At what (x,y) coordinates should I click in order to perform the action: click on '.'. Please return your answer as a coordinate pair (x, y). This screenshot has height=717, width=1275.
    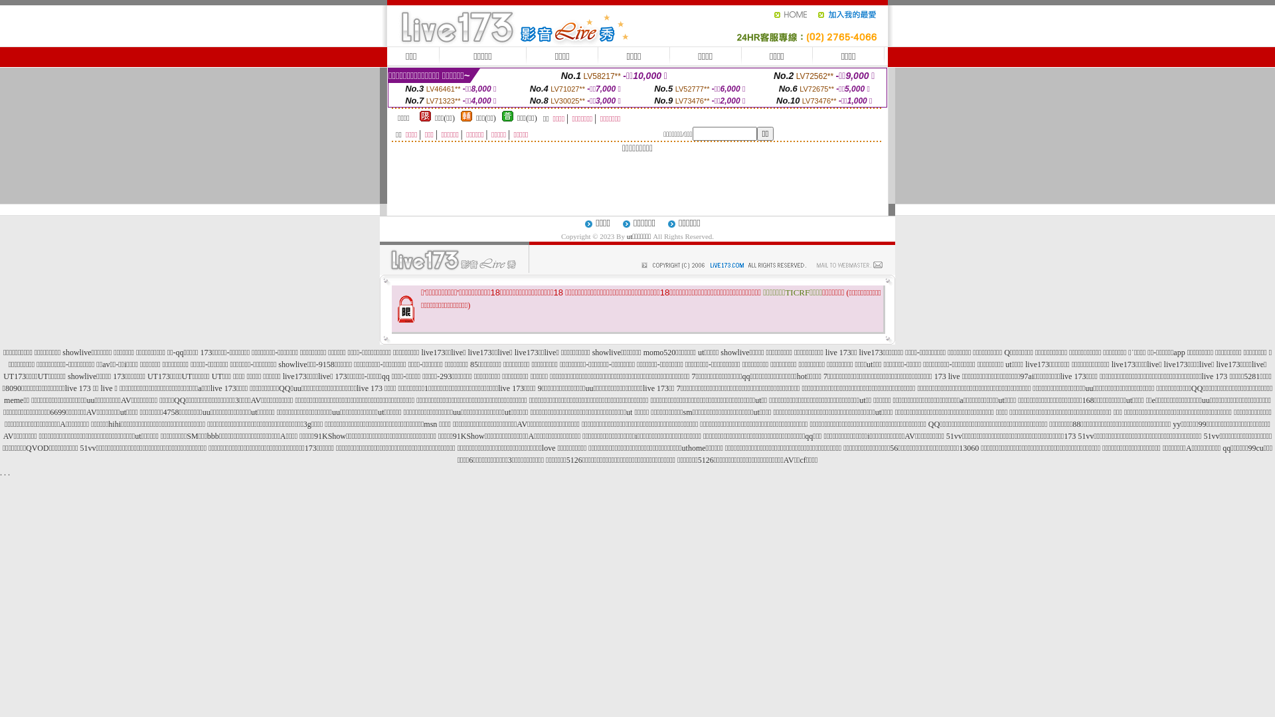
    Looking at the image, I should click on (1, 472).